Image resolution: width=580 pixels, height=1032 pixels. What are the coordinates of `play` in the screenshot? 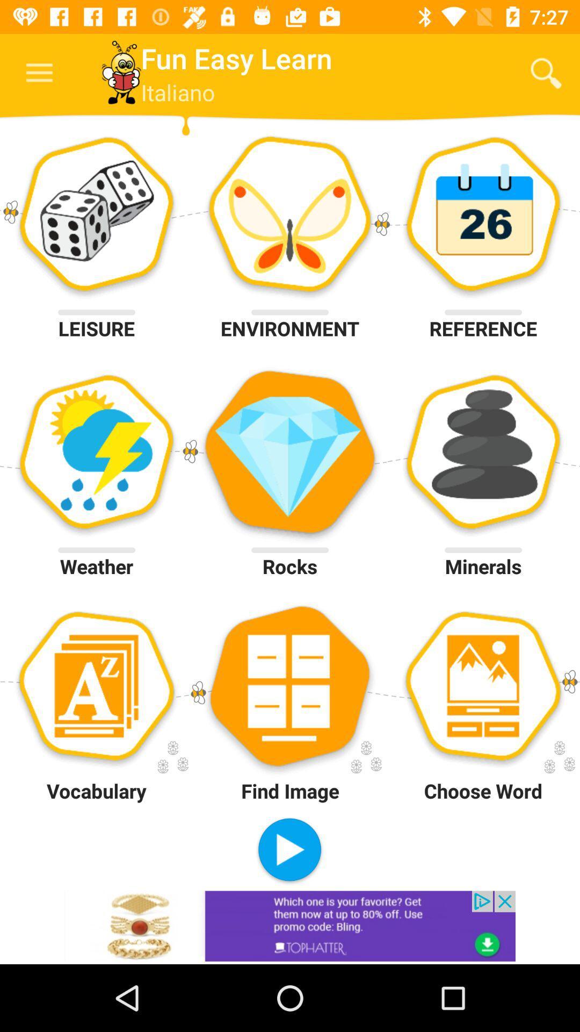 It's located at (289, 850).